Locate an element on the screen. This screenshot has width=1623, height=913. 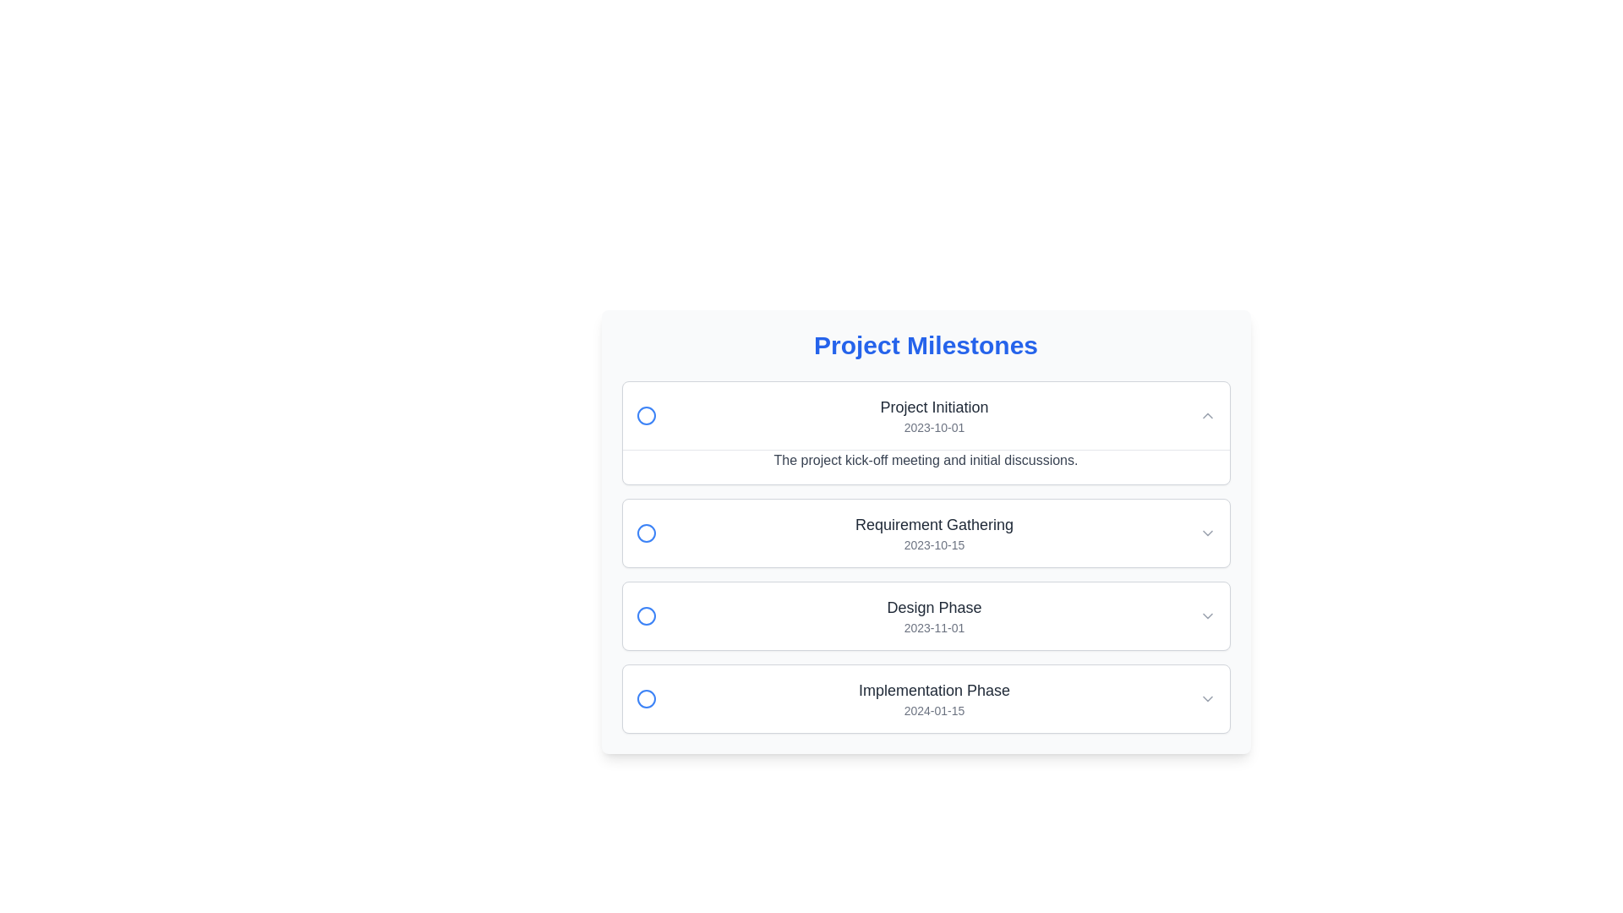
the downward-pointing chevron icon in the 'Requirement Gathering' card is located at coordinates (1206, 533).